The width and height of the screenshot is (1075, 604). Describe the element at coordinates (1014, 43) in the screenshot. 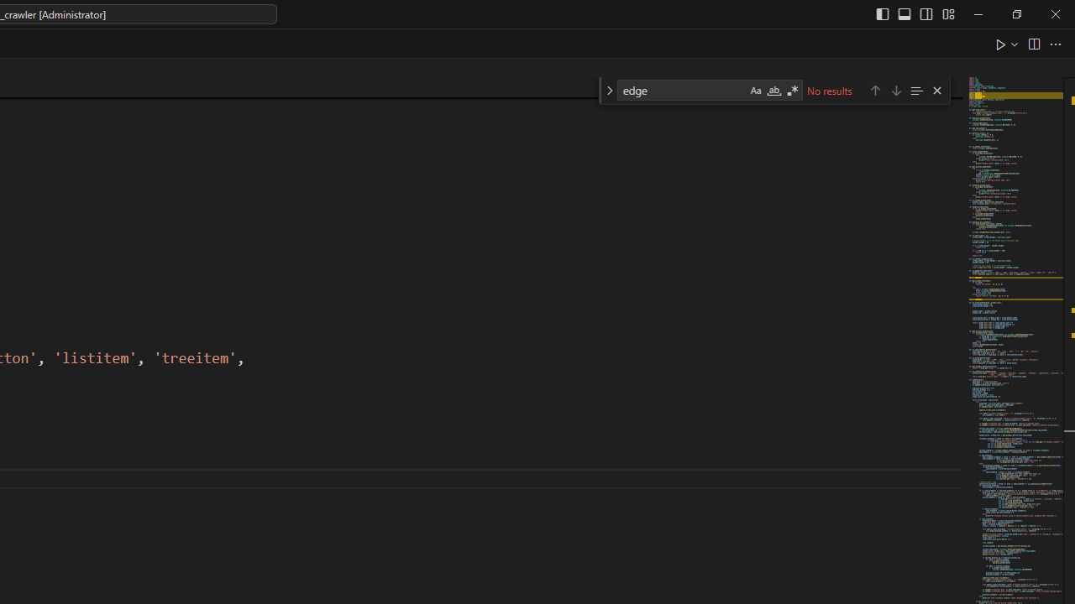

I see `'Run or Debug...'` at that location.